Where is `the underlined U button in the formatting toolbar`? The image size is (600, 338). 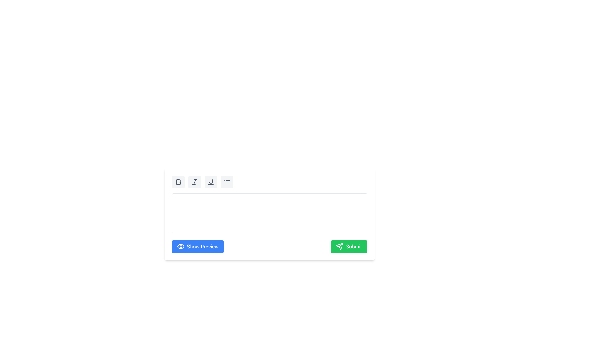
the underlined U button in the formatting toolbar is located at coordinates (211, 182).